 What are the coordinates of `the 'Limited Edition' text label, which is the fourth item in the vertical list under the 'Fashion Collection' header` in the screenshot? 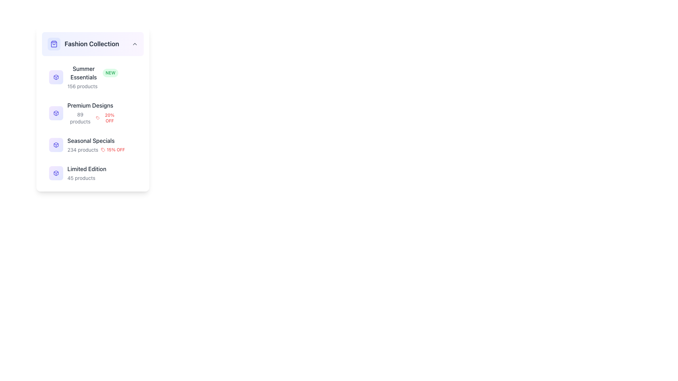 It's located at (86, 169).